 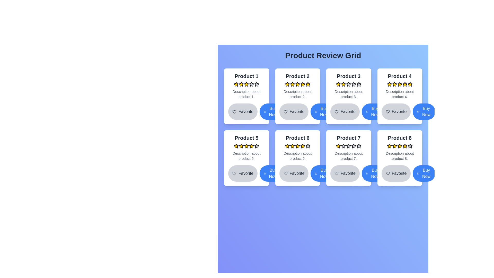 What do you see at coordinates (270, 111) in the screenshot?
I see `the purchase button located next to the 'Favorite' button under the product cards` at bounding box center [270, 111].